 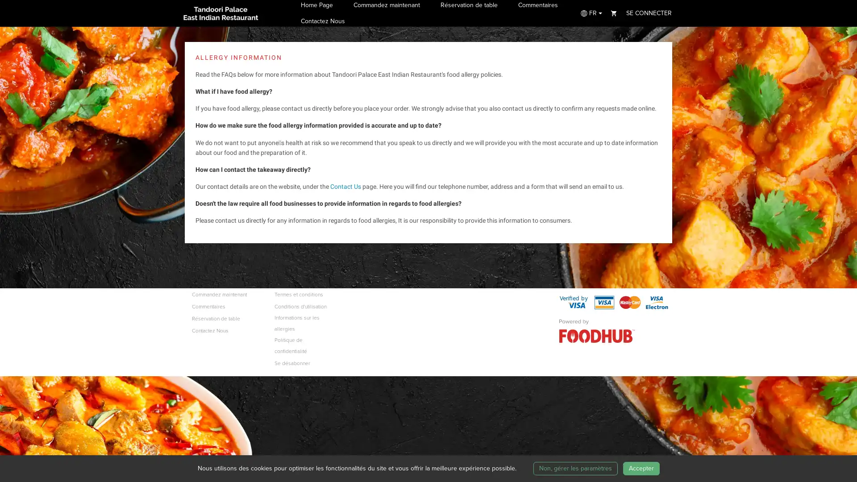 I want to click on Accepter, so click(x=640, y=468).